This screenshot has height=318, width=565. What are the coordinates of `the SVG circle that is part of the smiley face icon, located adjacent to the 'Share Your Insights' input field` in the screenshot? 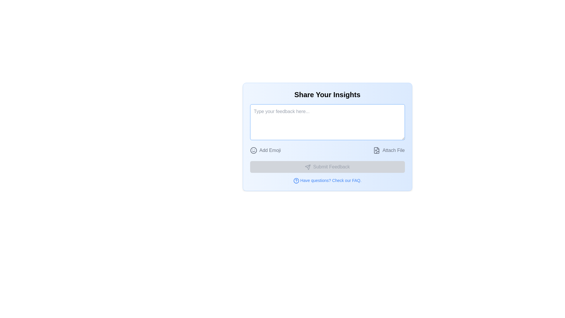 It's located at (253, 150).